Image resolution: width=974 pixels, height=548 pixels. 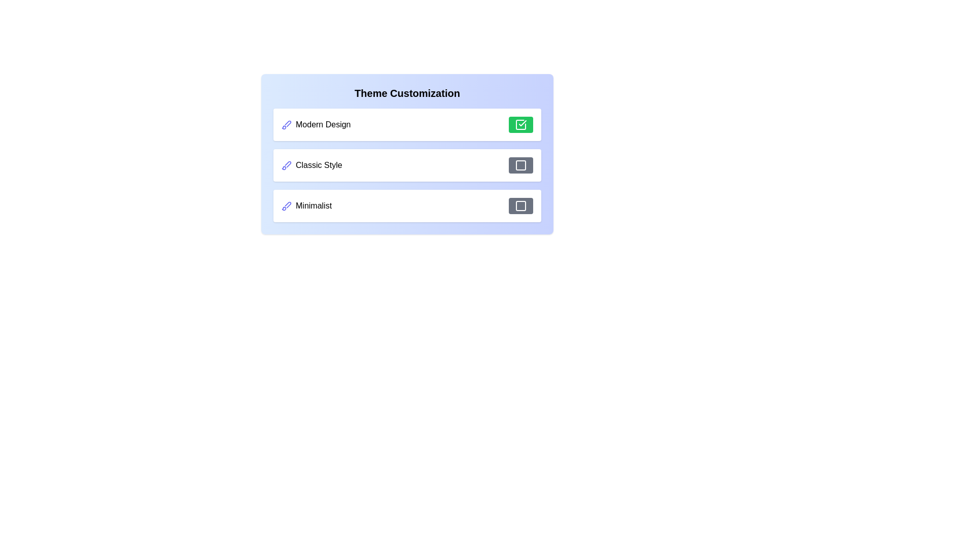 I want to click on the icon for Minimalist theme to reveal tooltip or interaction, so click(x=286, y=205).